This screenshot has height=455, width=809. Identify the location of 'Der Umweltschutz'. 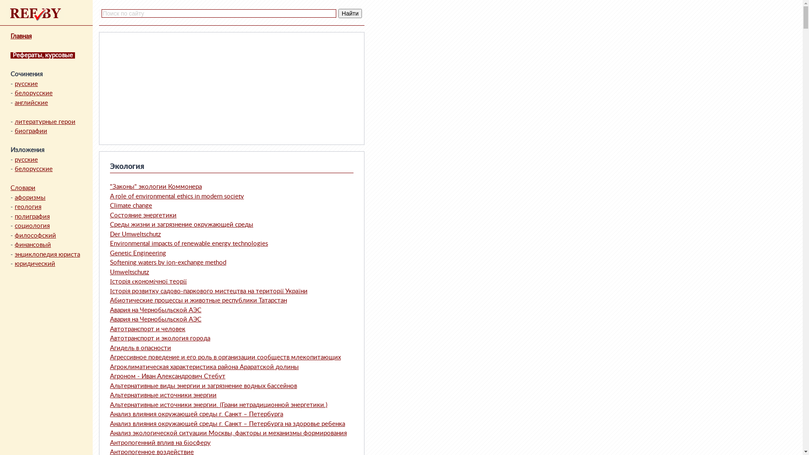
(135, 234).